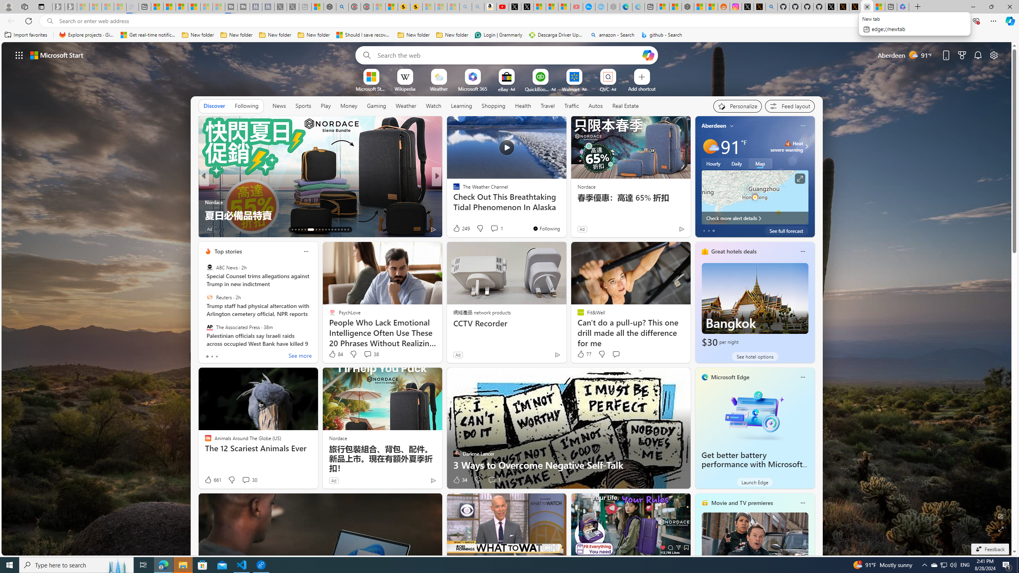 The width and height of the screenshot is (1019, 573). I want to click on 'Learning', so click(461, 105).